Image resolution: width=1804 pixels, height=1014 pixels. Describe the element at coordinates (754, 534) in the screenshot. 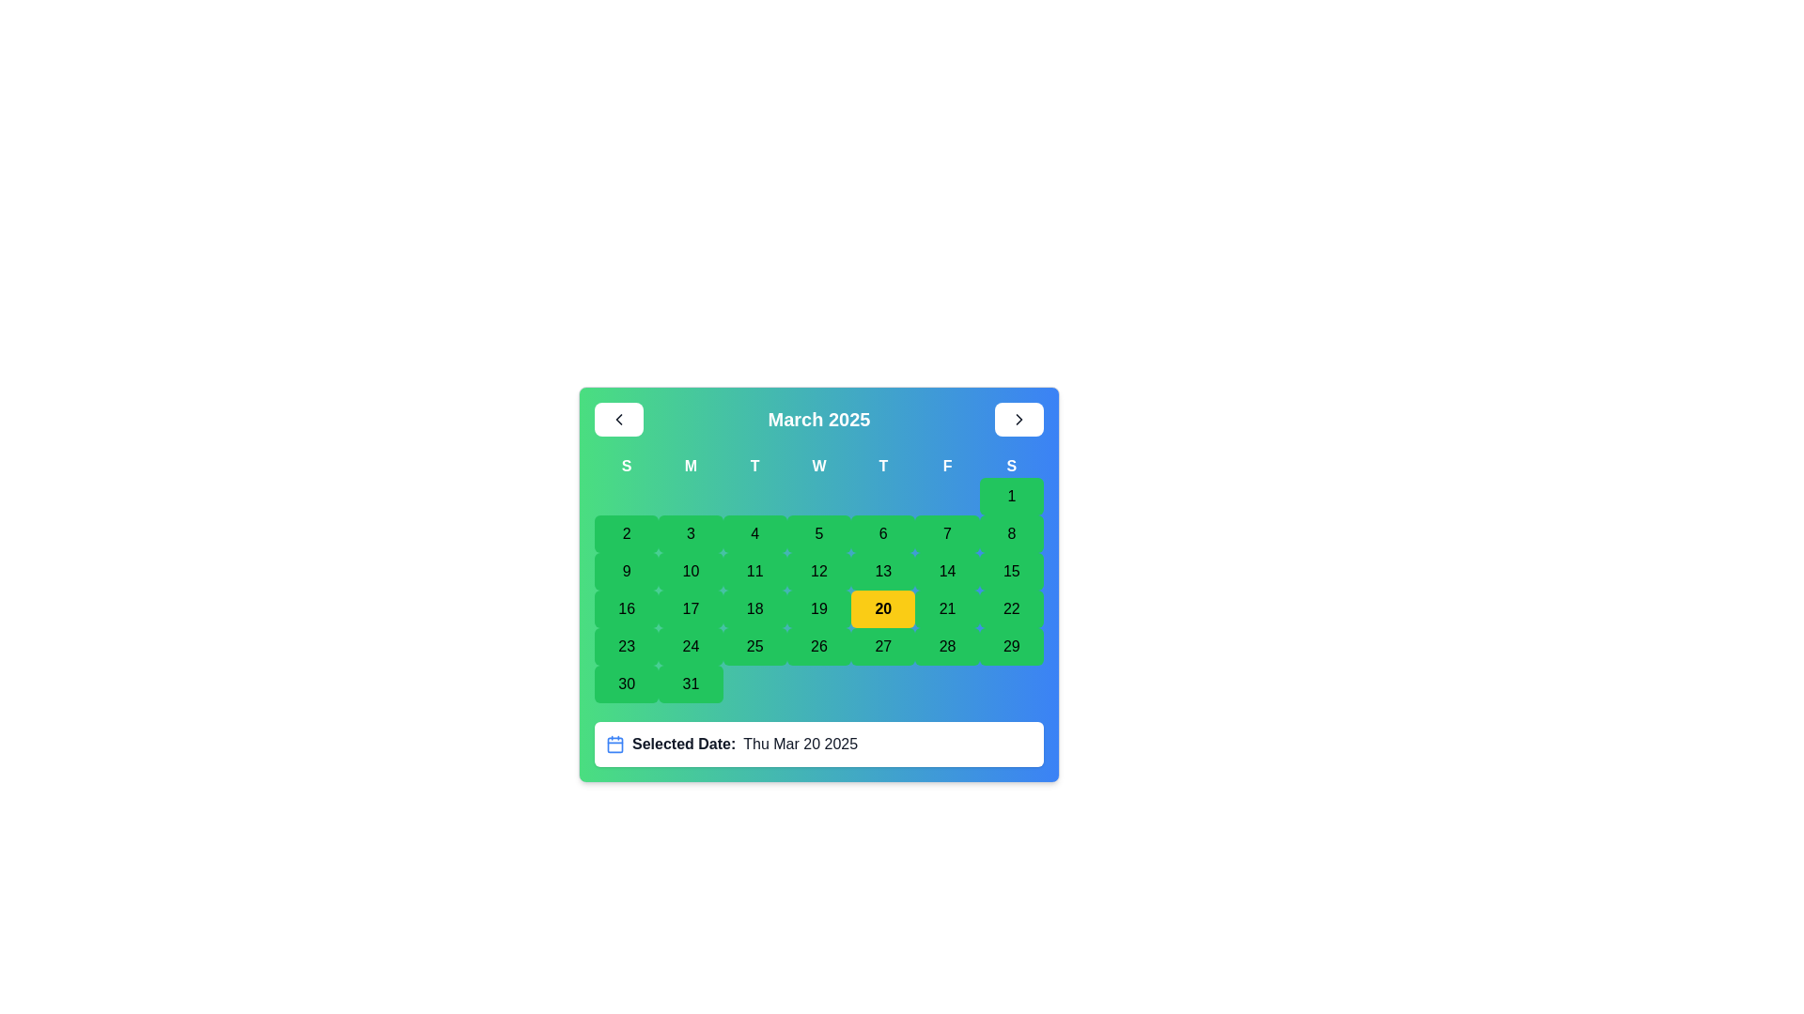

I see `the calendar day selector button for the '4th' of the month` at that location.